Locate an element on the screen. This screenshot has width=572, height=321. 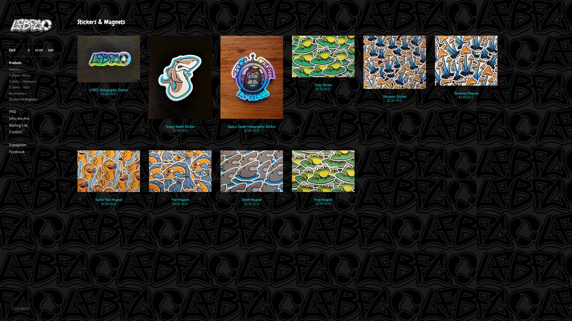
'Little Fish Big Fish Clothing' is located at coordinates (9, 25).